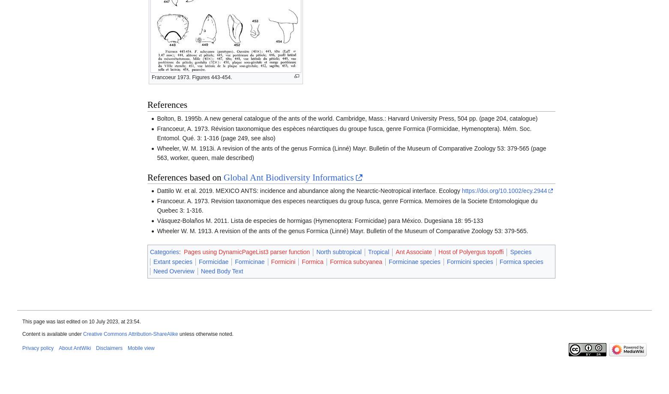 This screenshot has height=394, width=669. Describe the element at coordinates (172, 261) in the screenshot. I see `'Extant species'` at that location.